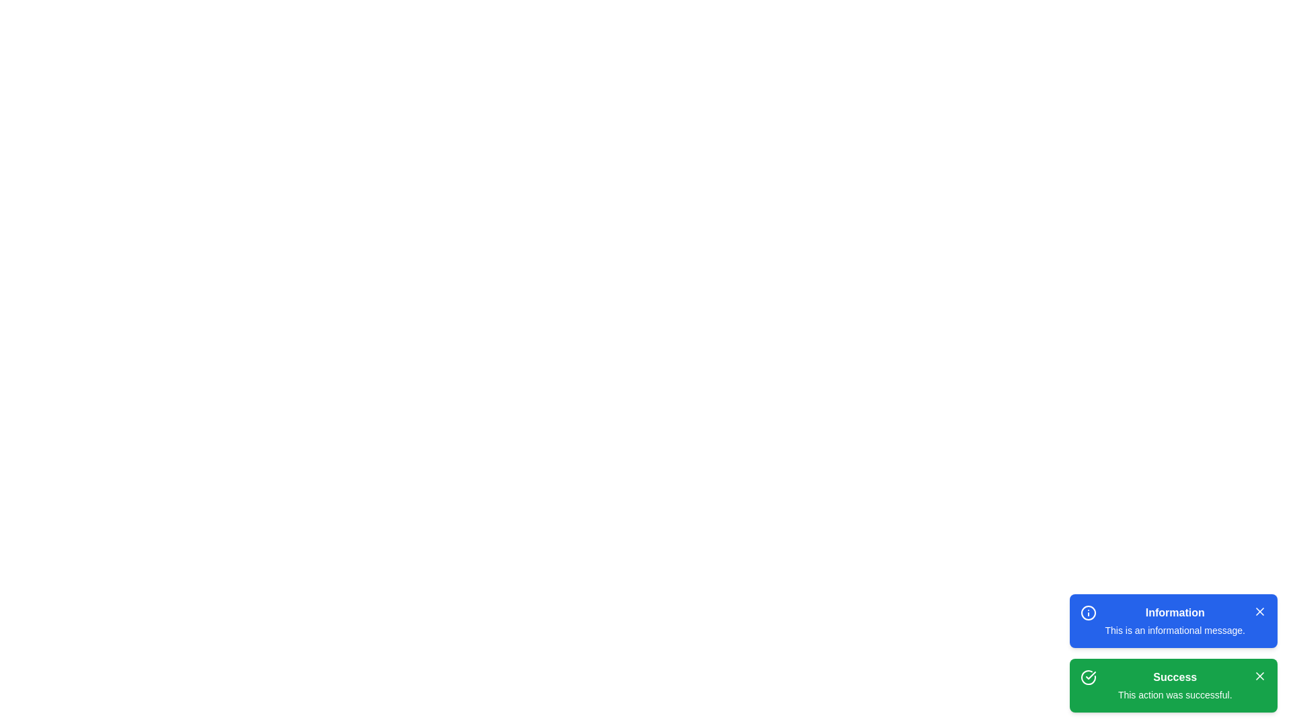 The image size is (1291, 726). Describe the element at coordinates (1089, 677) in the screenshot. I see `the visual feedback of the circular success icon with a checkmark inside, located at the bottom-right of the interface, to the left of the 'Success' label` at that location.